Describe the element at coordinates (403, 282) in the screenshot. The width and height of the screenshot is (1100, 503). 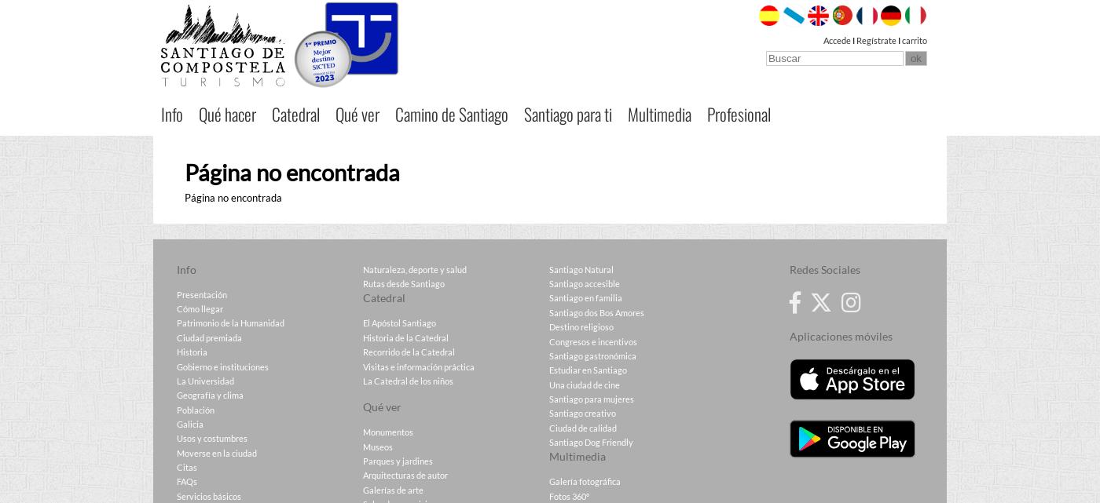
I see `'Rutas desde Santiago'` at that location.